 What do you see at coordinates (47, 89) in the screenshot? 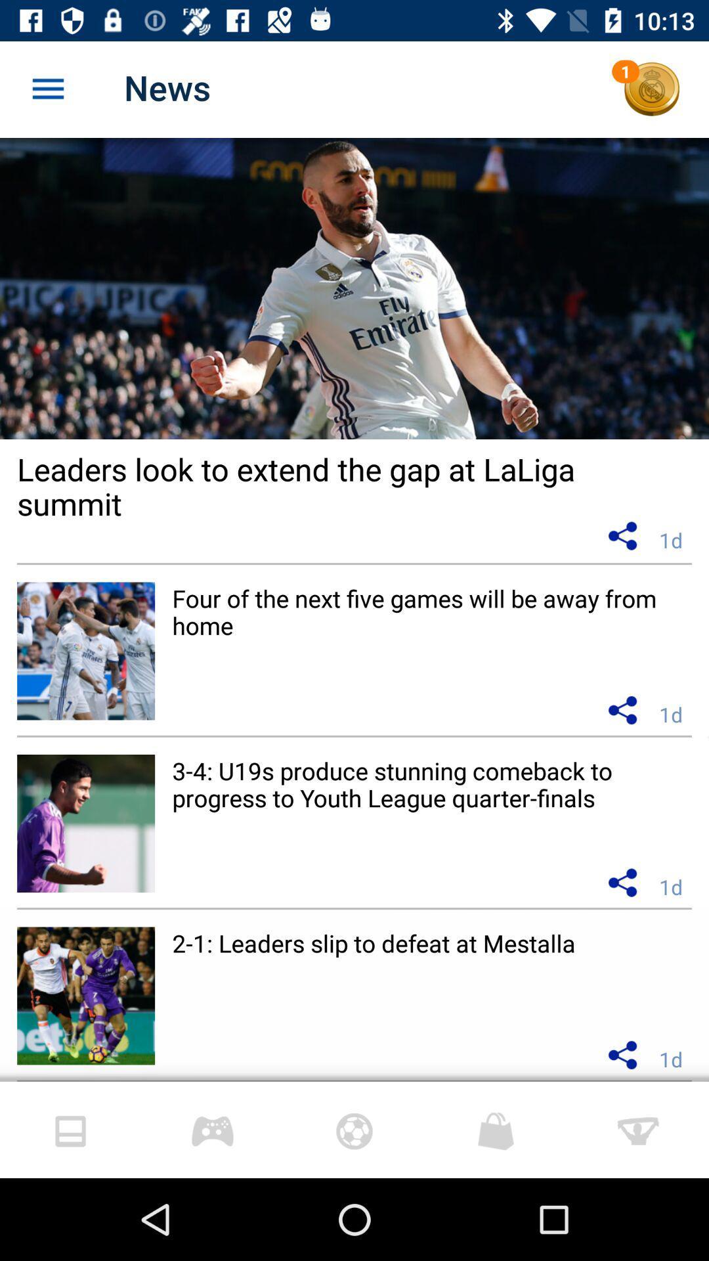
I see `the menu icon` at bounding box center [47, 89].